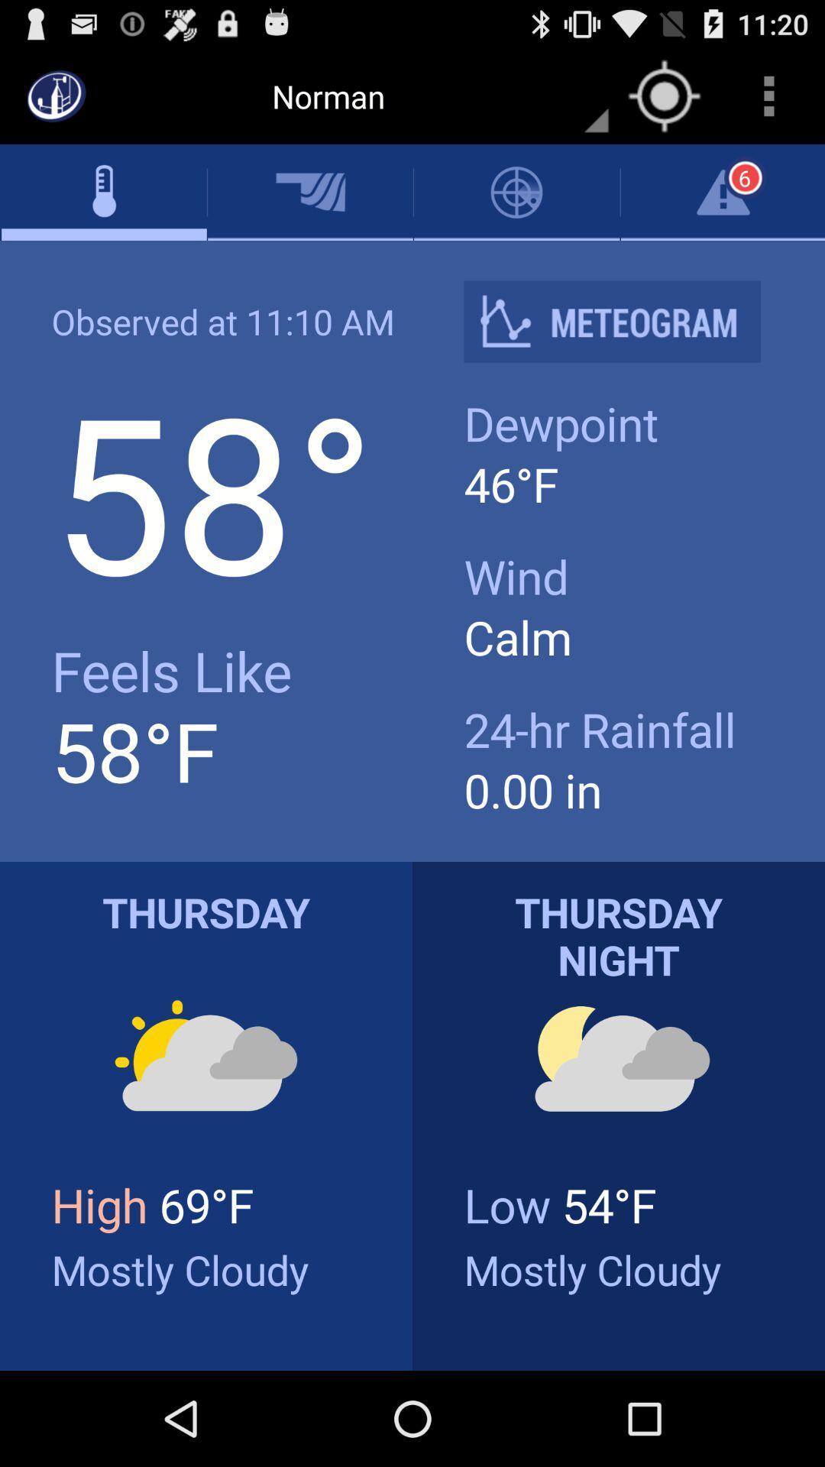  What do you see at coordinates (664, 95) in the screenshot?
I see `the icon represented the direction of te country` at bounding box center [664, 95].